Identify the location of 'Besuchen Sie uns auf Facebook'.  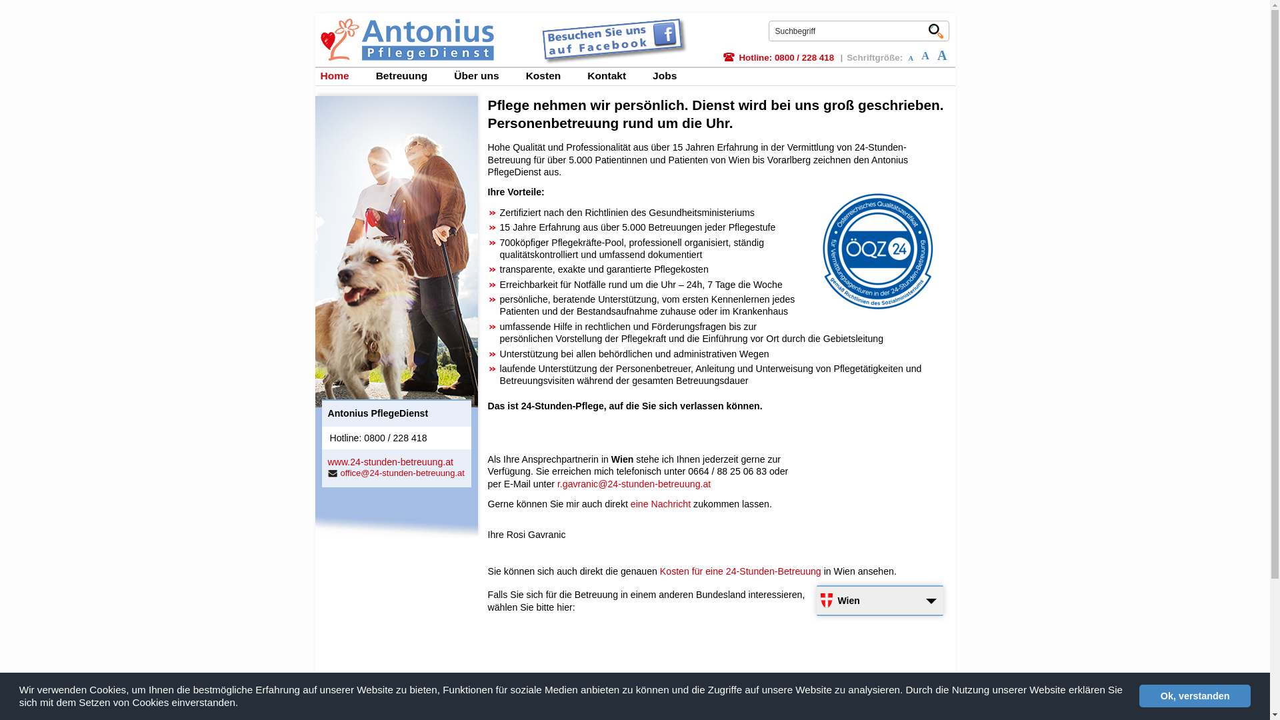
(537, 21).